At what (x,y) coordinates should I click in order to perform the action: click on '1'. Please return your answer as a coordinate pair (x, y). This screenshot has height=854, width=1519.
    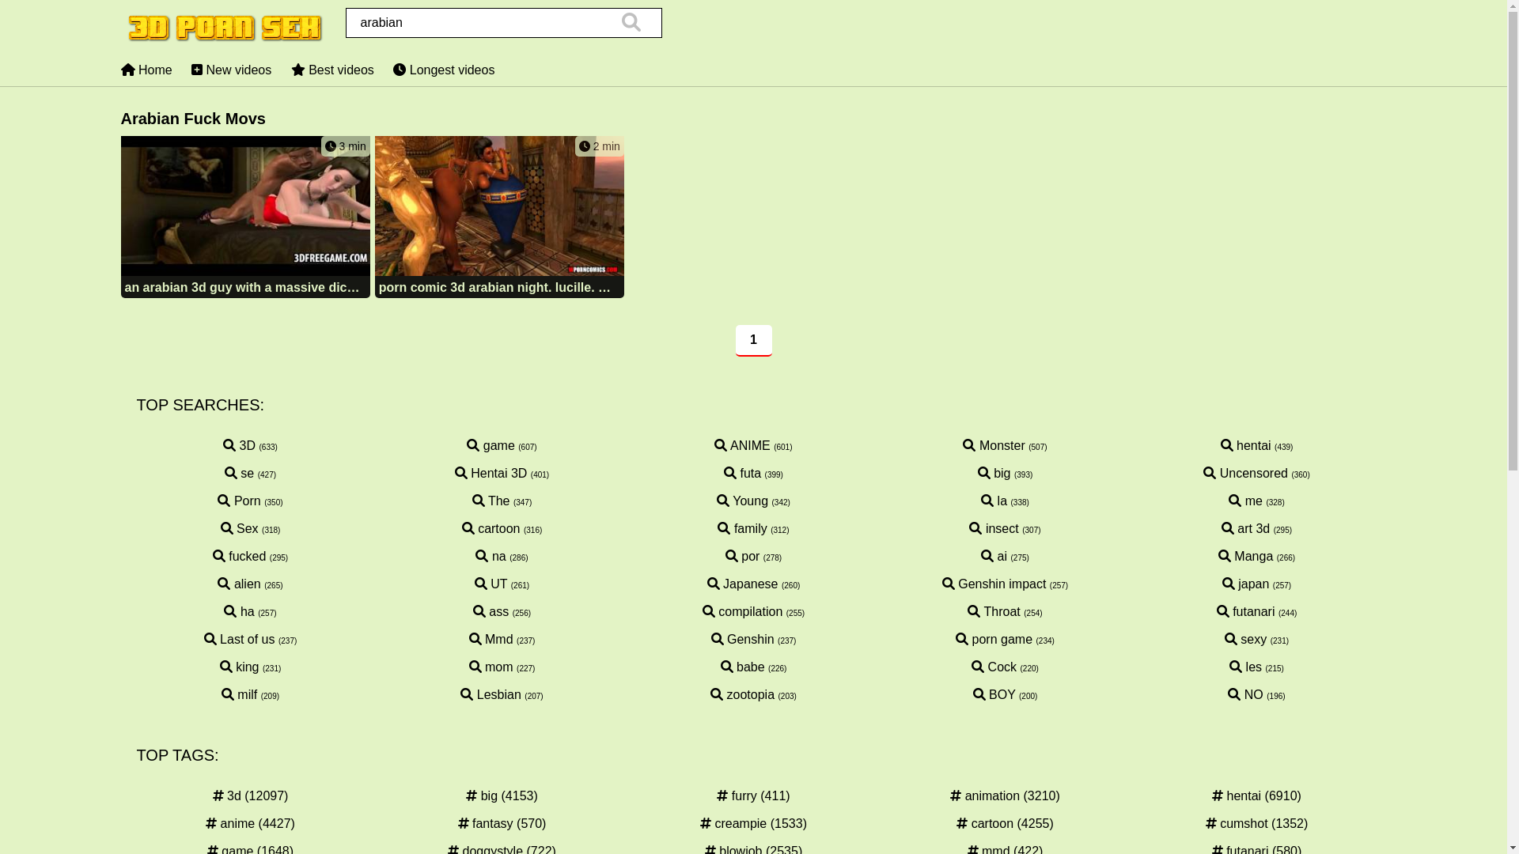
    Looking at the image, I should click on (753, 340).